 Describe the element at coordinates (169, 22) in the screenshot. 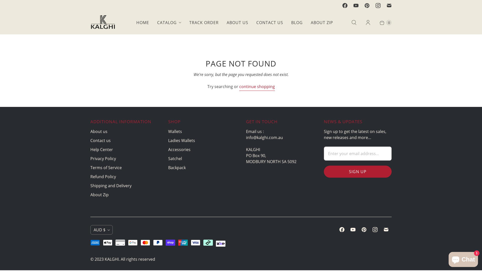

I see `'CATALOG'` at that location.